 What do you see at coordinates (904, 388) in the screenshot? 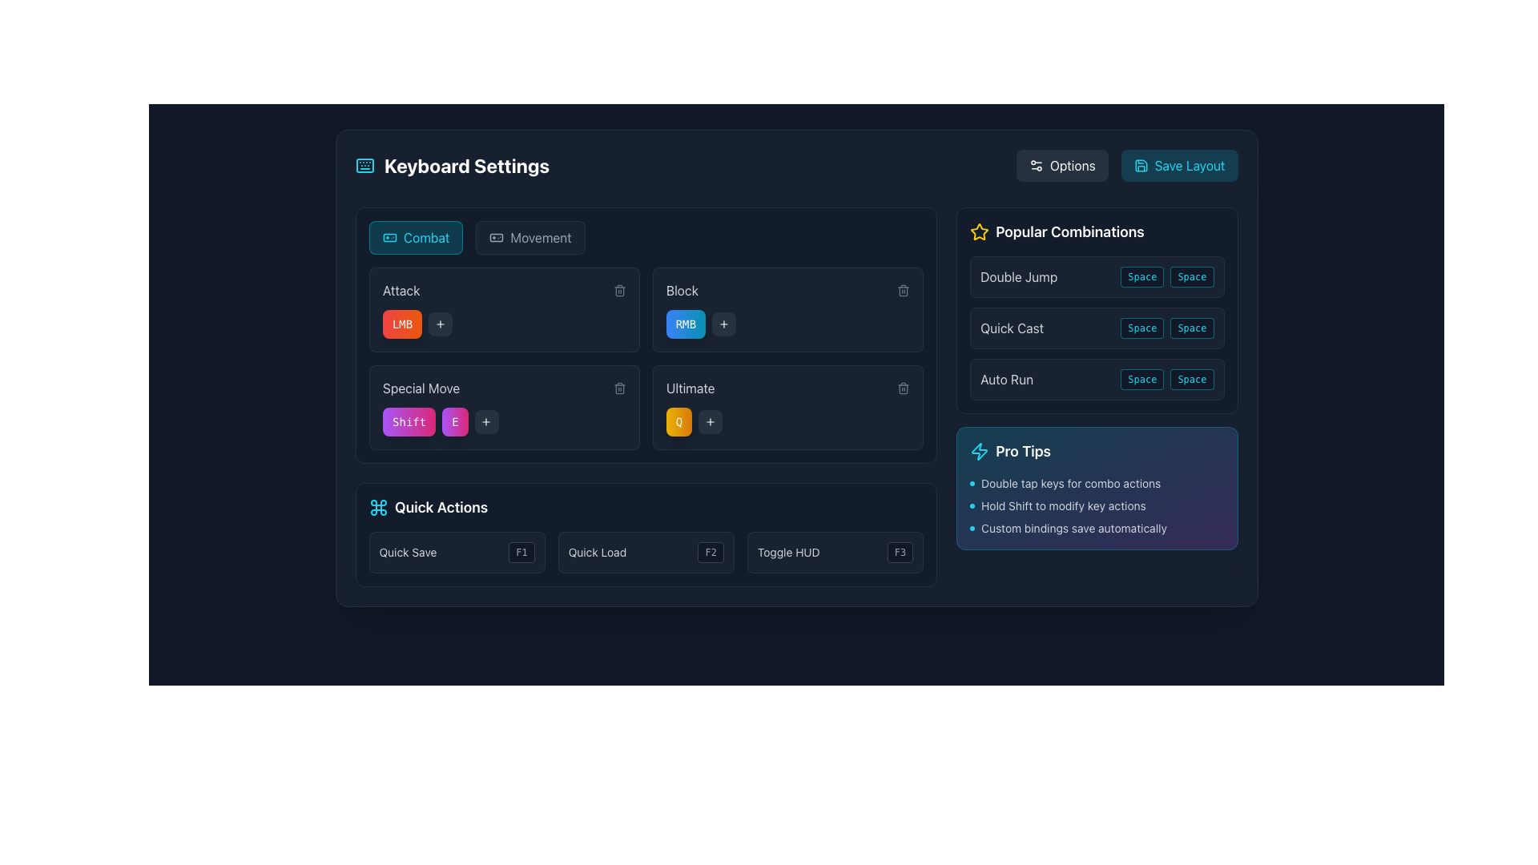
I see `the gray trash icon button located to the right of the text 'Ultimate'` at bounding box center [904, 388].